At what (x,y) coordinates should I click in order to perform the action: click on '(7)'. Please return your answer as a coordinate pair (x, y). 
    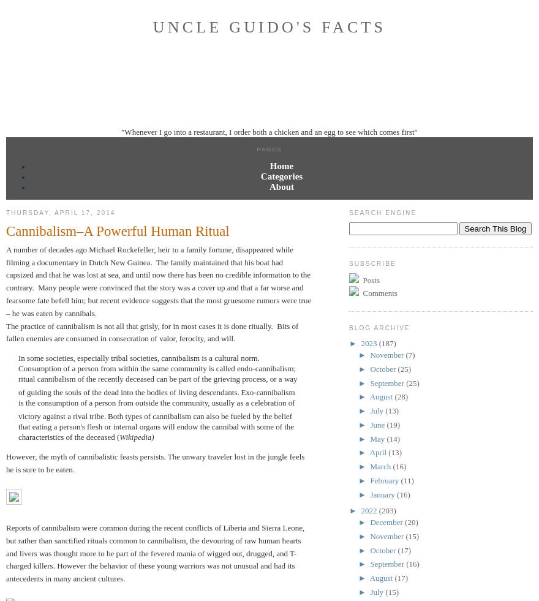
    Looking at the image, I should click on (409, 355).